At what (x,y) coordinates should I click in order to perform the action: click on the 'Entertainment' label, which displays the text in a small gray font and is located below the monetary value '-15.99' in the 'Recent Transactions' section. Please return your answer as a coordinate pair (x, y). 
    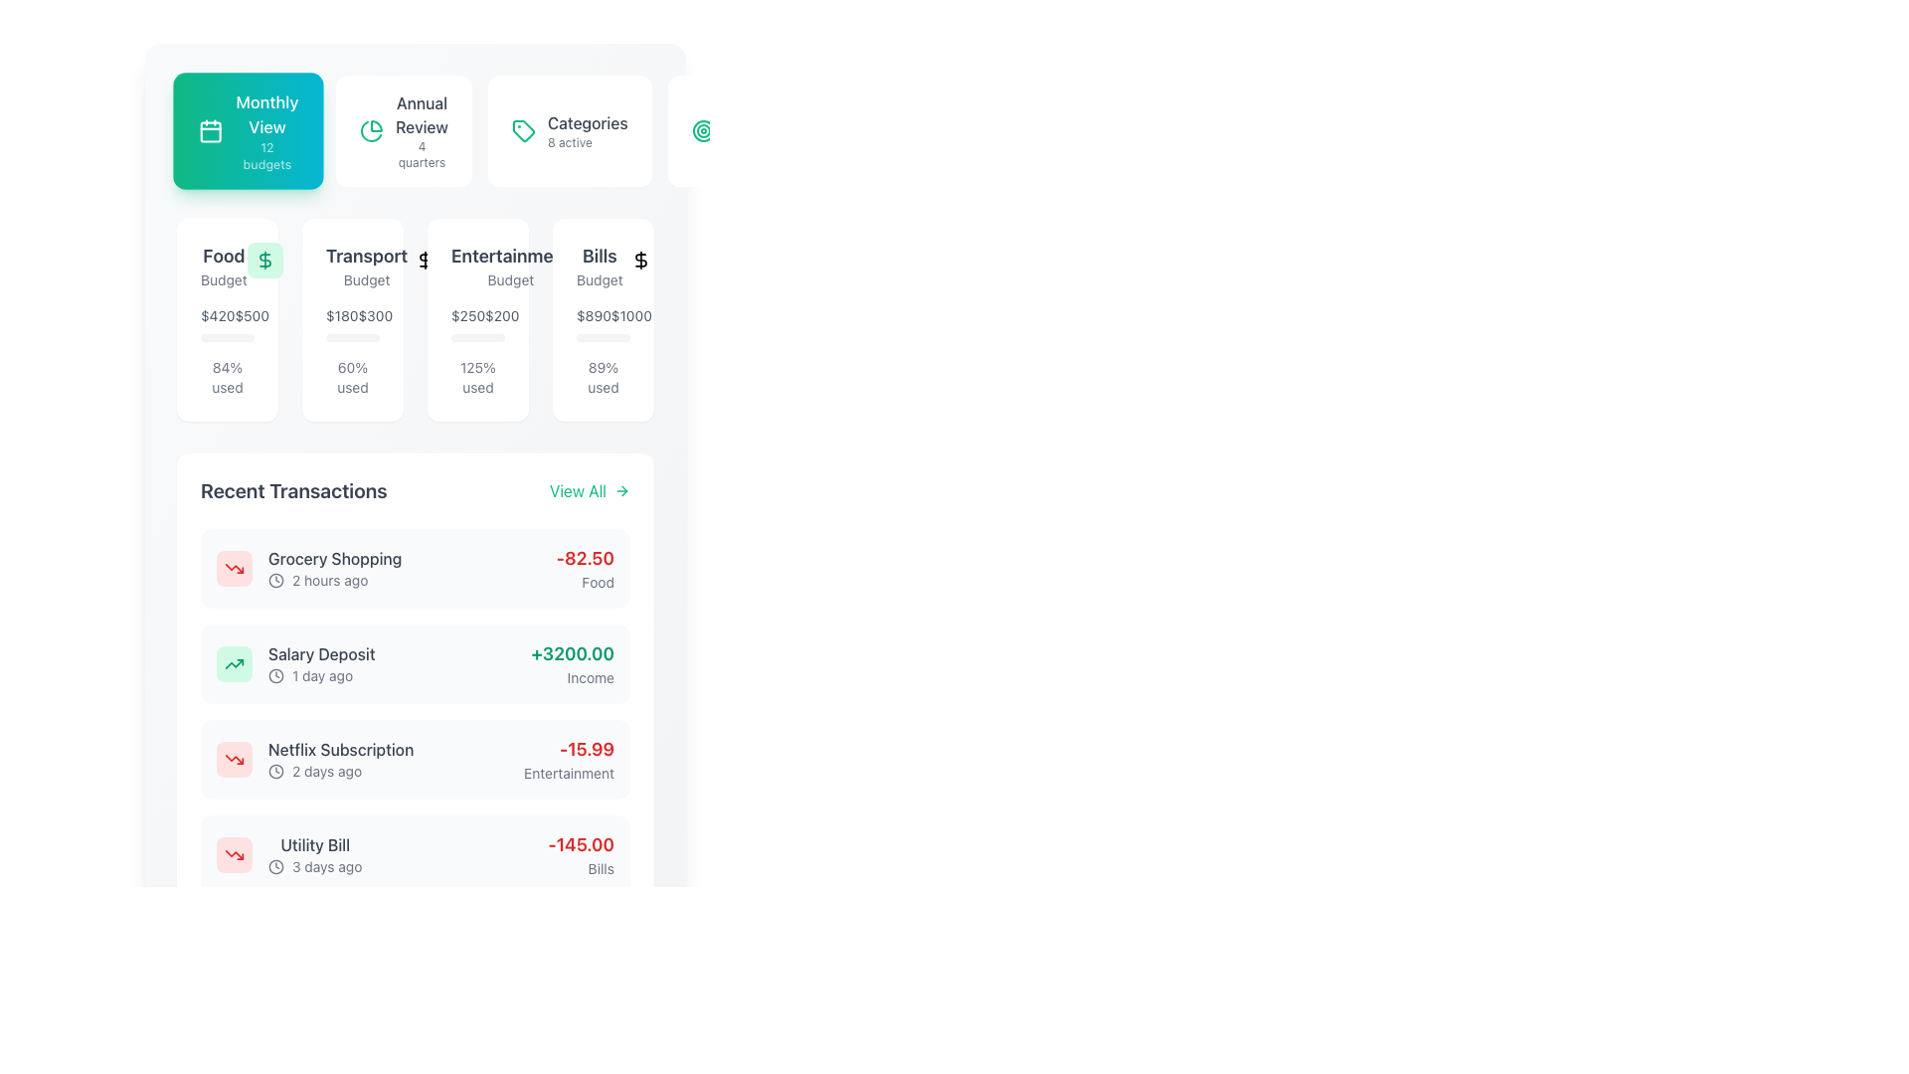
    Looking at the image, I should click on (568, 773).